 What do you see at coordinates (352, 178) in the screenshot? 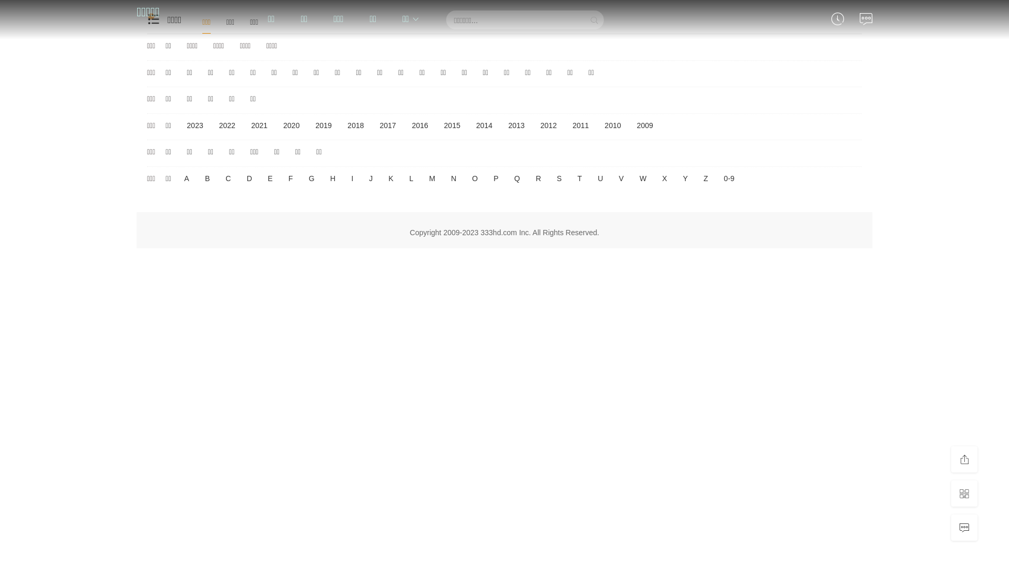
I see `'I'` at bounding box center [352, 178].